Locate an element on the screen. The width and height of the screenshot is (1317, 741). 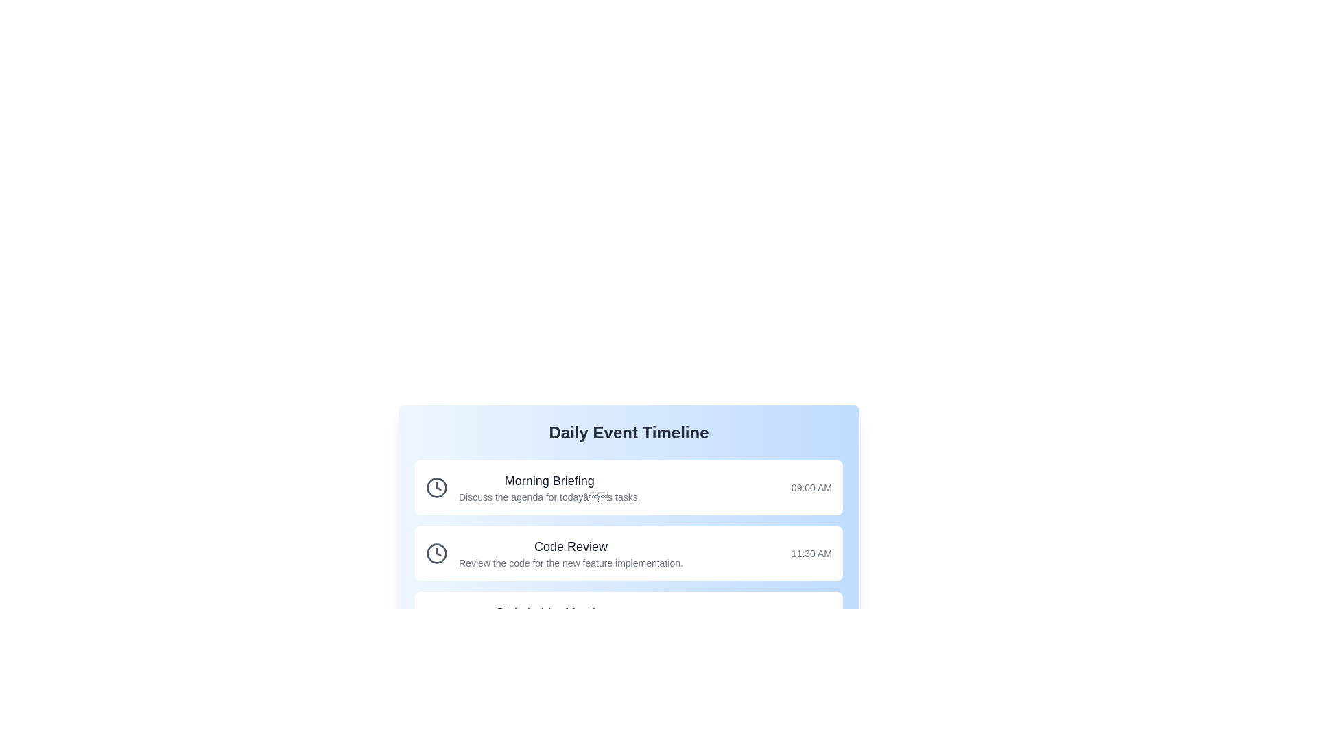
the icon associated with the event titled Code Review is located at coordinates (436, 552).